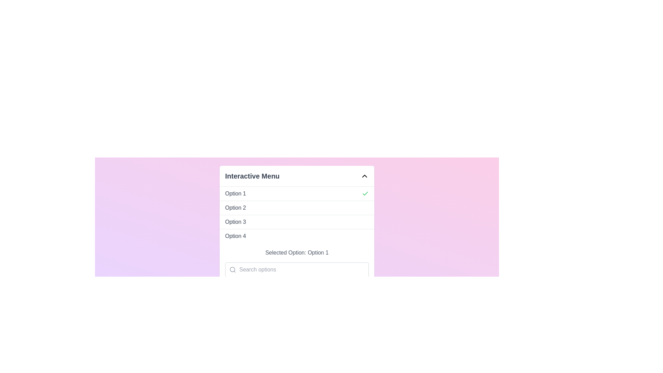  Describe the element at coordinates (365, 193) in the screenshot. I see `the small green checkmark icon located next to the text 'Option 1' in the dropdown menu` at that location.